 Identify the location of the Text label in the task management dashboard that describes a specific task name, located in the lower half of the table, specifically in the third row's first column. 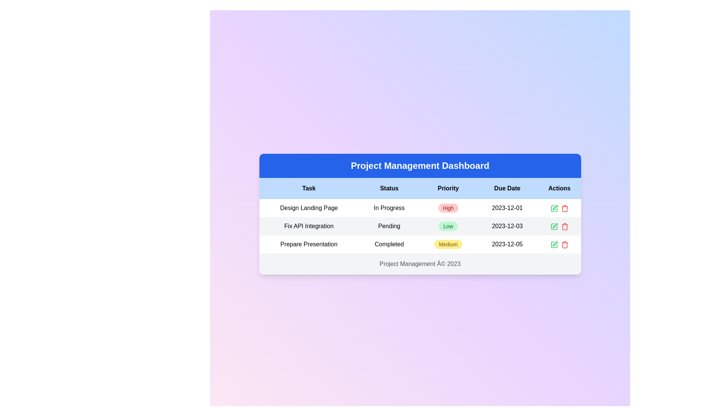
(309, 244).